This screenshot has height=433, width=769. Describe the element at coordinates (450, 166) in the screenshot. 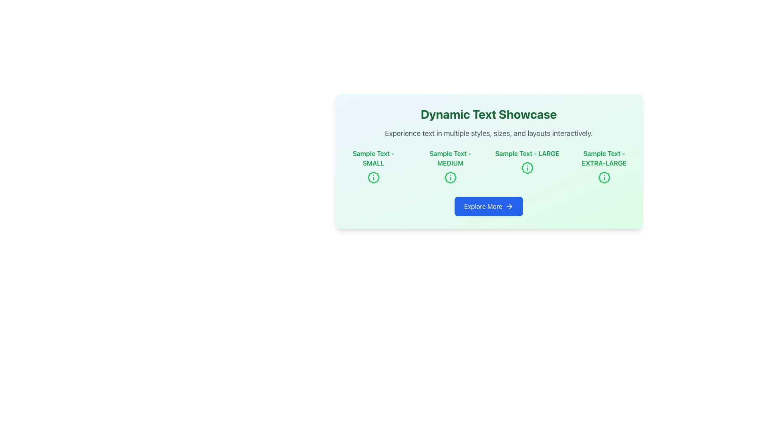

I see `the grid item labeled 'Sample Text - MEDIUM' which is the second component in a grid layout, positioned centrally under 'Dynamic Text Showcase'` at that location.